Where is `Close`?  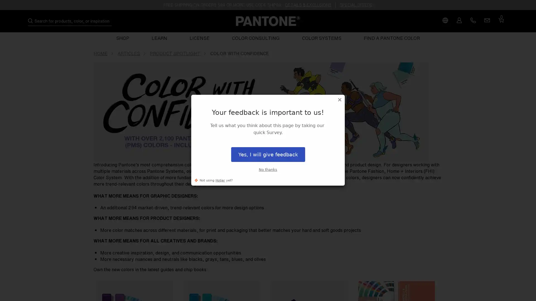 Close is located at coordinates (339, 99).